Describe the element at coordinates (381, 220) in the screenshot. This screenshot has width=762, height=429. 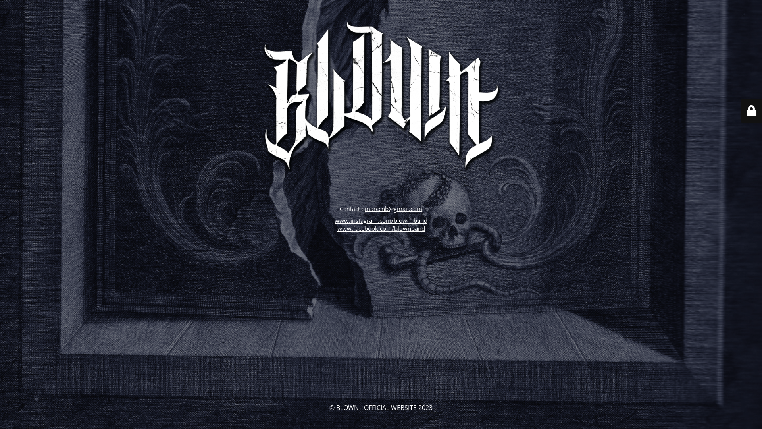
I see `'www.instagram.com/blown_band'` at that location.